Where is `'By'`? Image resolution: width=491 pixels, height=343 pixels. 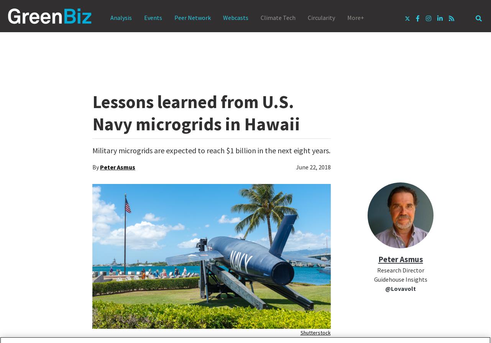 'By' is located at coordinates (96, 167).